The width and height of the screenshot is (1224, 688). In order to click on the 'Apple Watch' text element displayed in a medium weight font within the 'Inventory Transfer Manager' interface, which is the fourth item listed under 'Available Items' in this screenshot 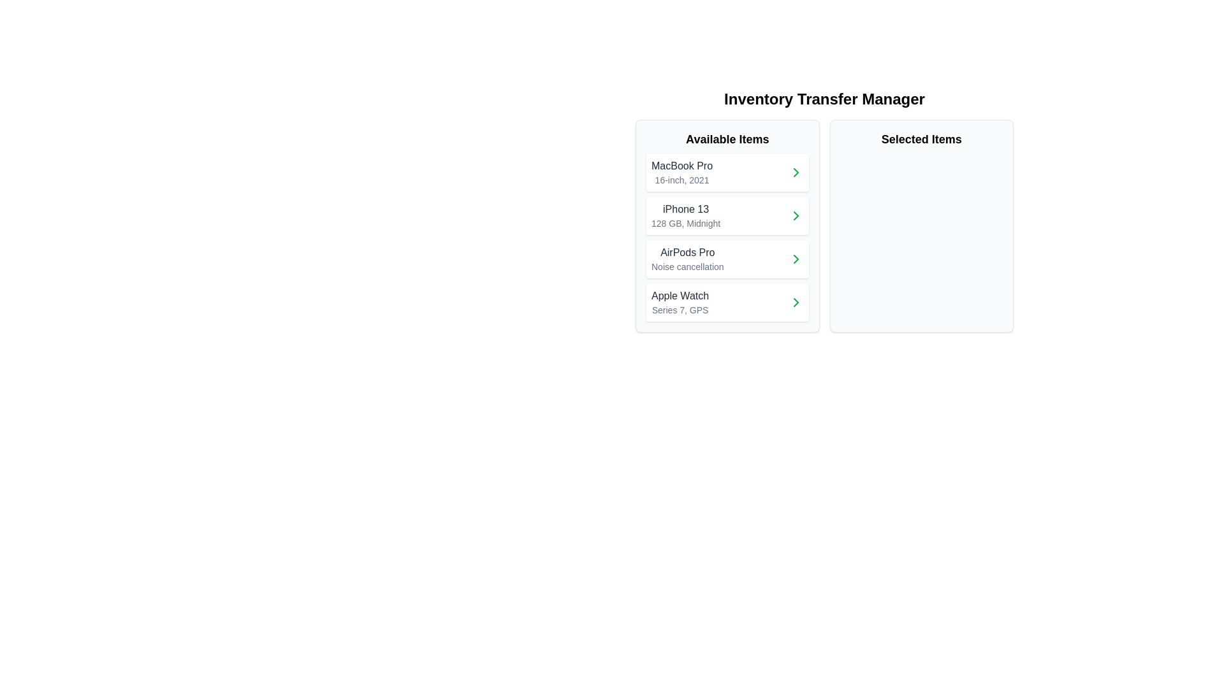, I will do `click(680, 302)`.